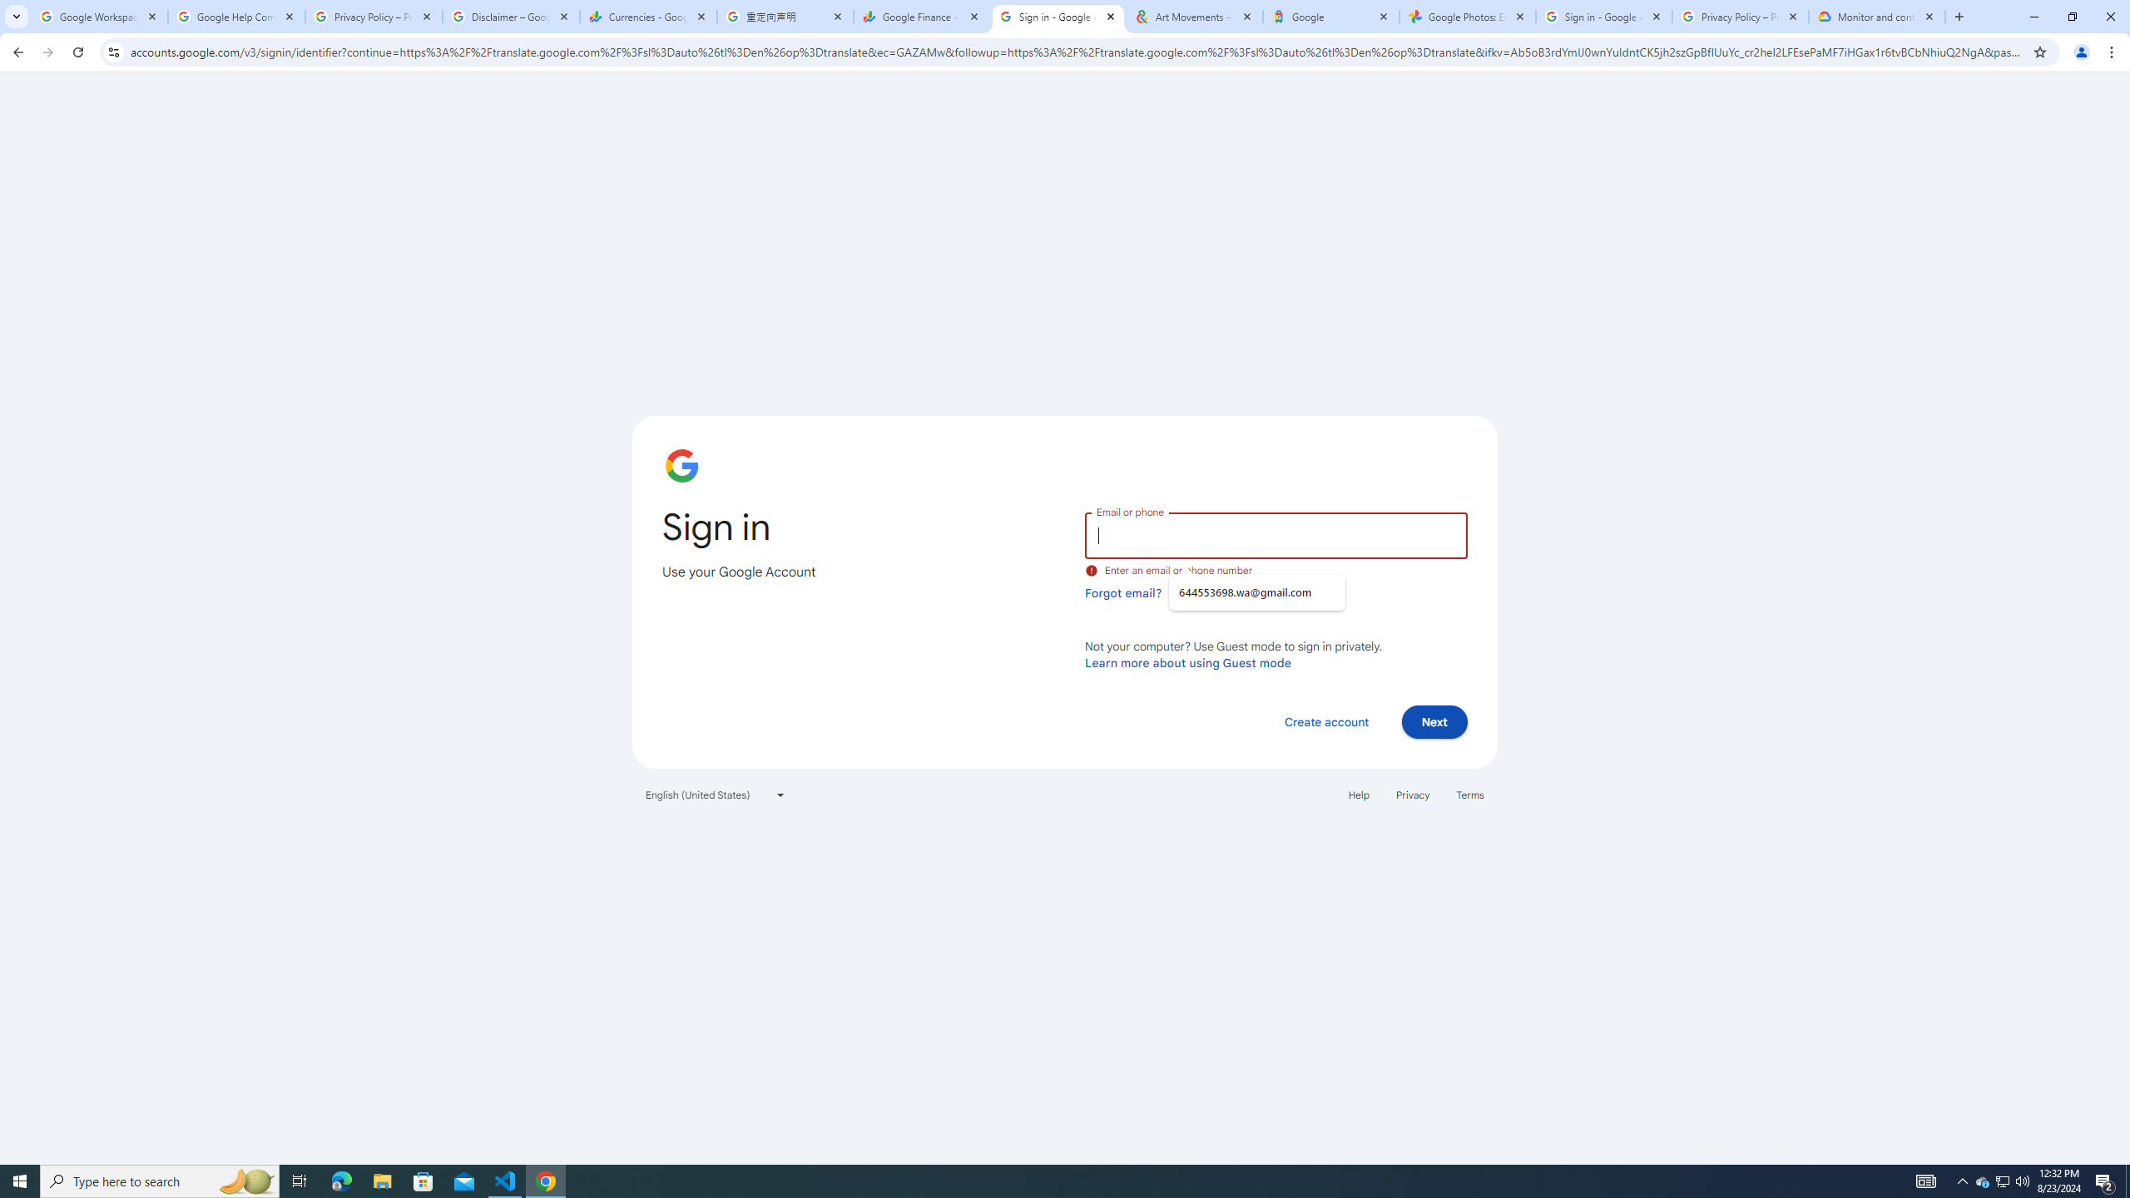  Describe the element at coordinates (1122, 592) in the screenshot. I see `'Forgot email?'` at that location.